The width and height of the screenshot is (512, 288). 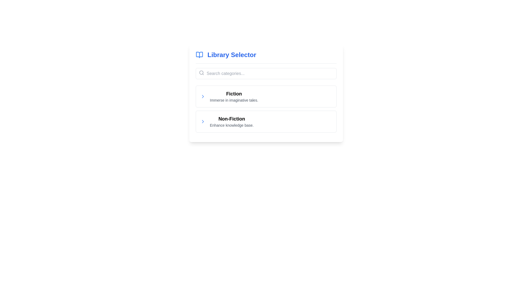 I want to click on the open book icon, which is blue and located within the 'Library Selector' visual group, positioned to the left of the title text, so click(x=199, y=55).